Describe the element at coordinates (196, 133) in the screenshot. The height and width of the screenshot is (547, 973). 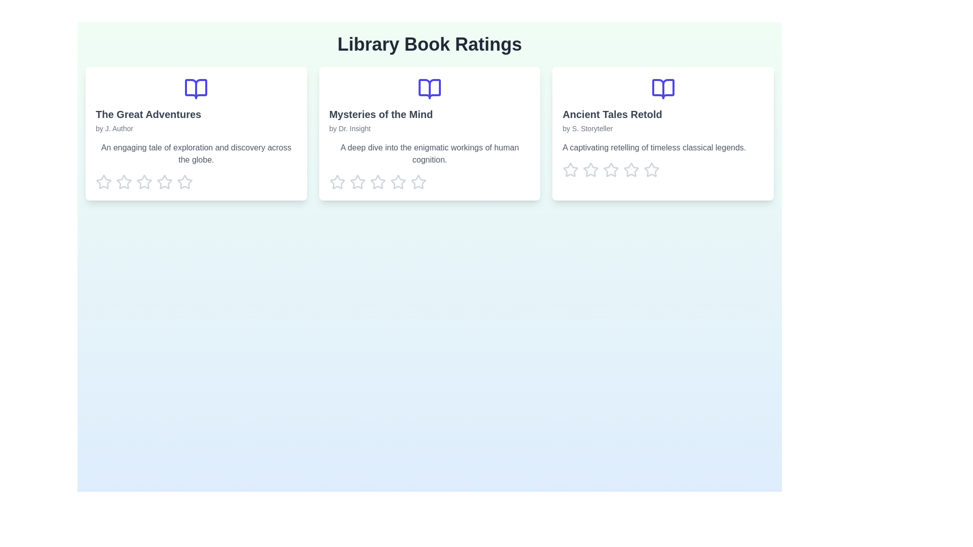
I see `the description of the book titled 'The Great Adventures'` at that location.